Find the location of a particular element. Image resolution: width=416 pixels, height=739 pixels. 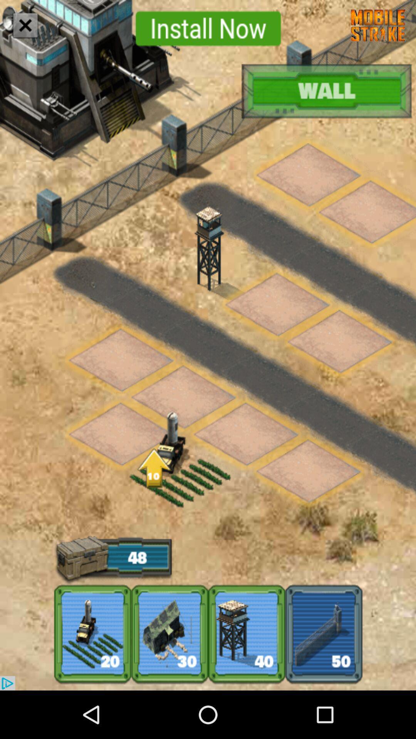

the close icon is located at coordinates (25, 27).